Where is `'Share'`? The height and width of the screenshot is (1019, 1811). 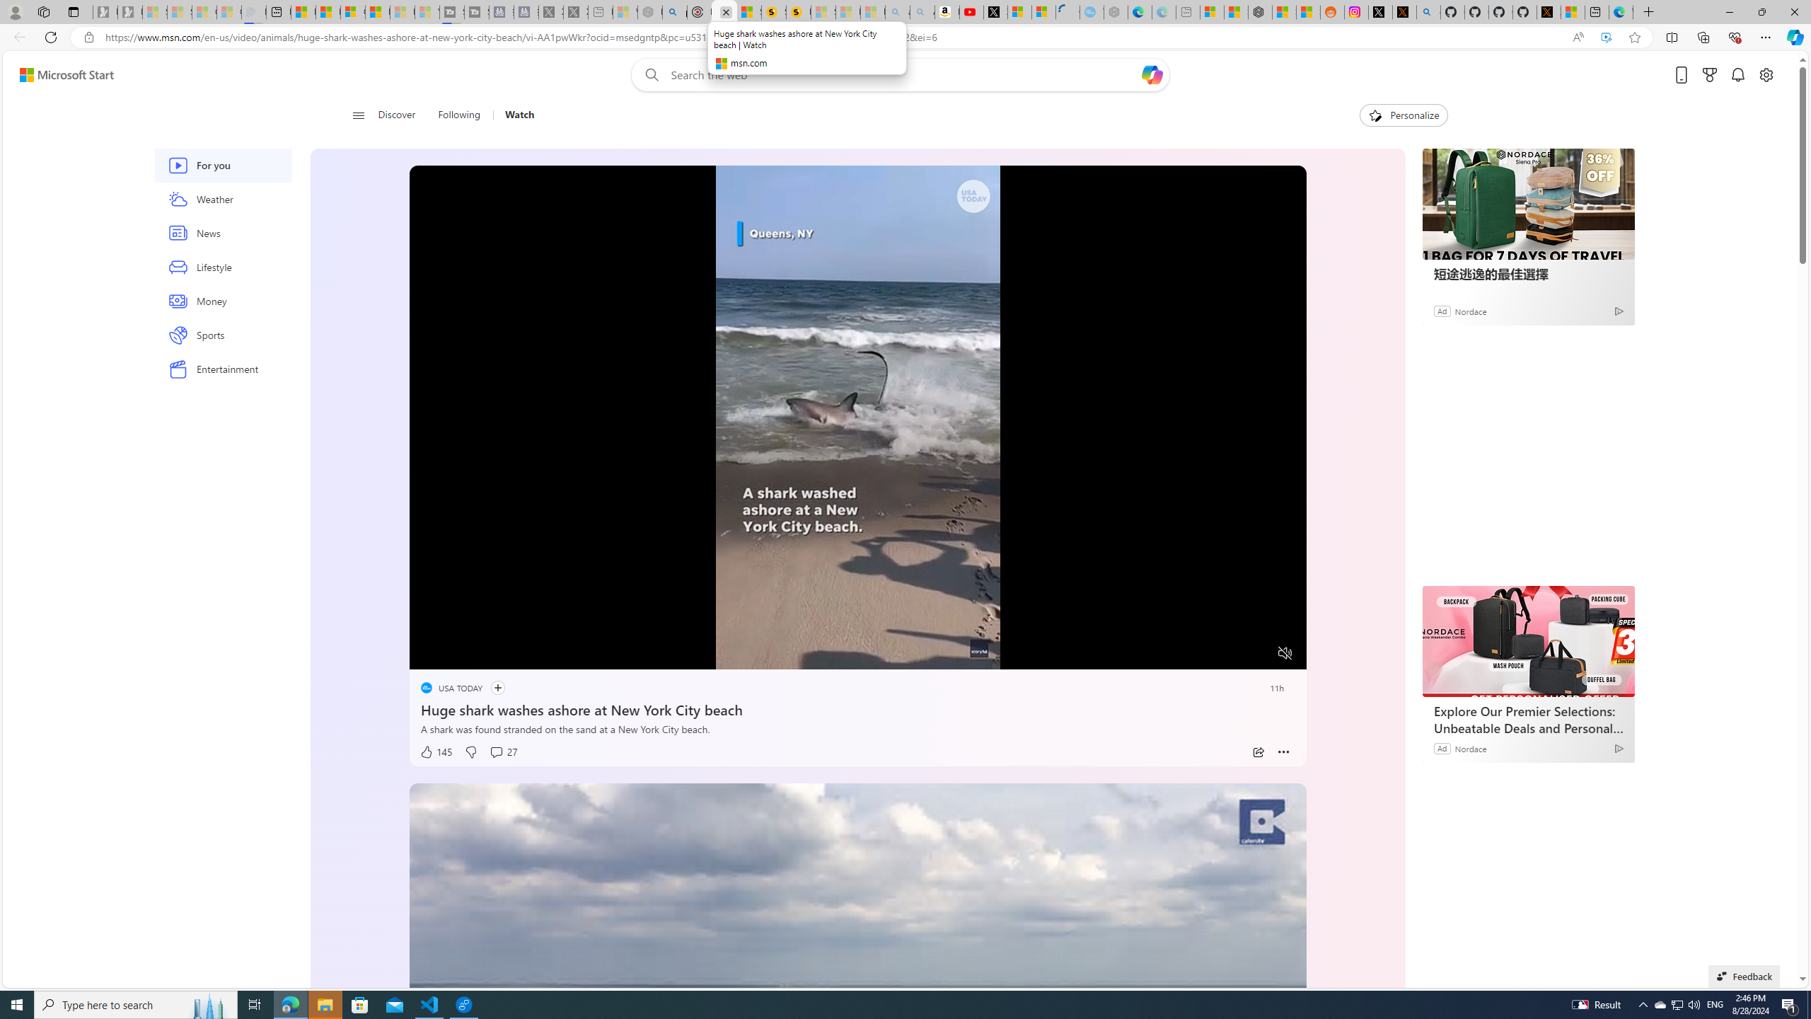
'Share' is located at coordinates (1257, 752).